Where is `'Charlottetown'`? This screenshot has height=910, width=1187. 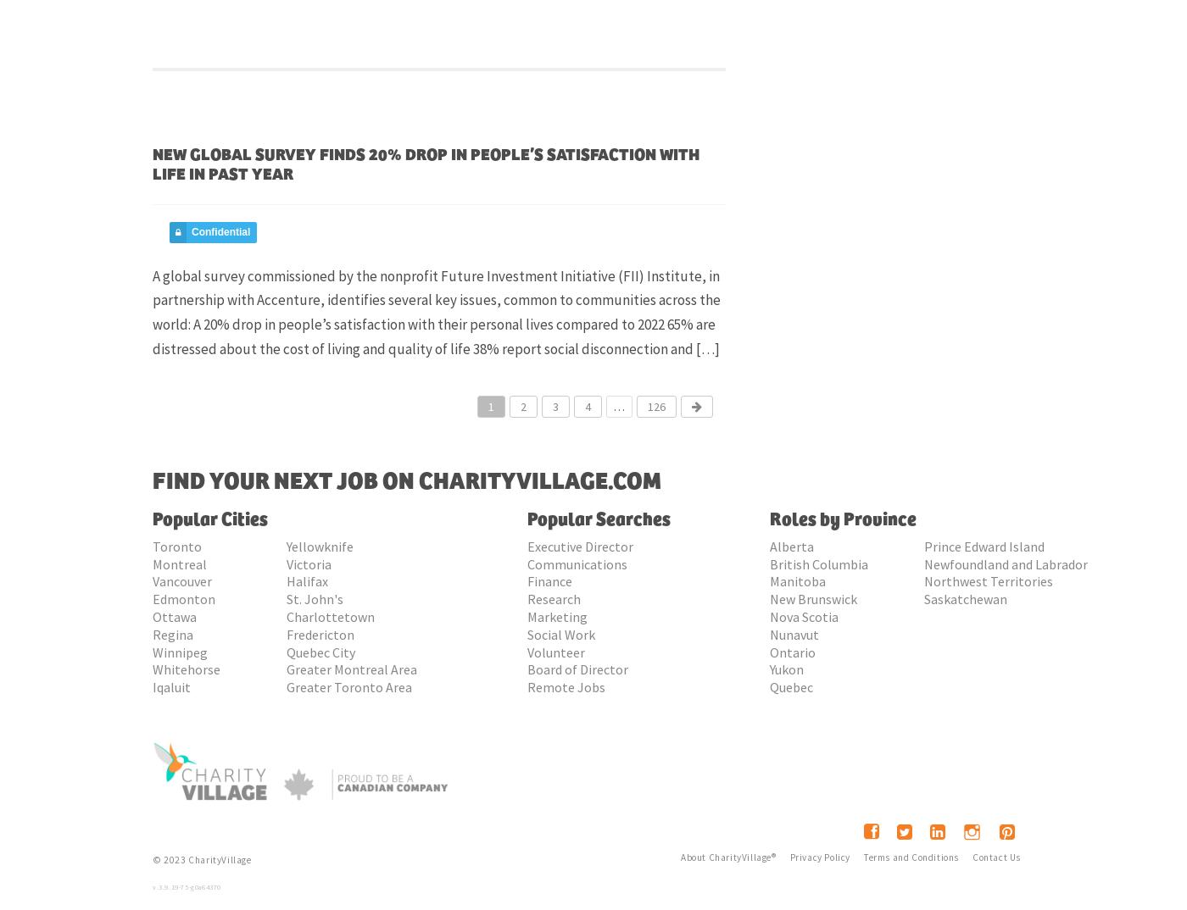
'Charlottetown' is located at coordinates (286, 615).